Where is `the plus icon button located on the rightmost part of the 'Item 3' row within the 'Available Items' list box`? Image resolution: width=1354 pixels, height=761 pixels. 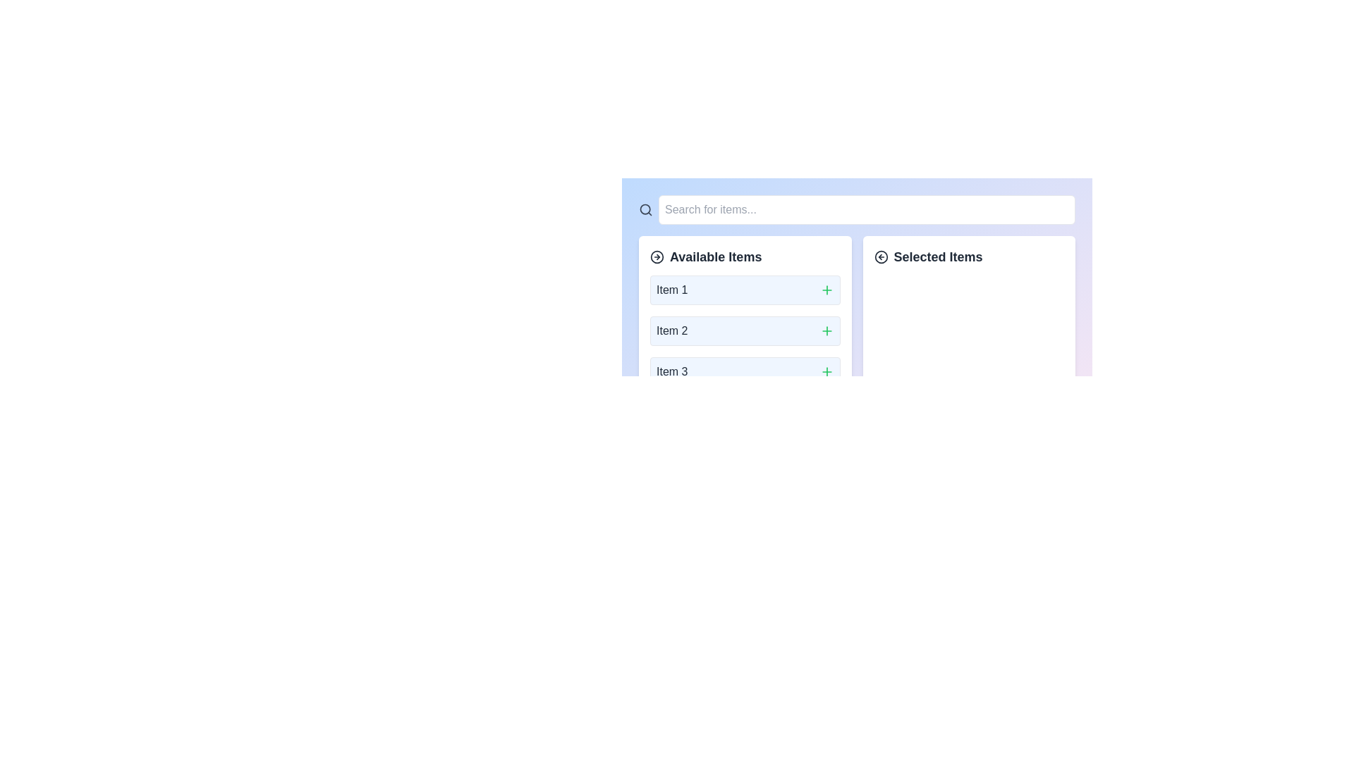 the plus icon button located on the rightmost part of the 'Item 3' row within the 'Available Items' list box is located at coordinates (827, 371).